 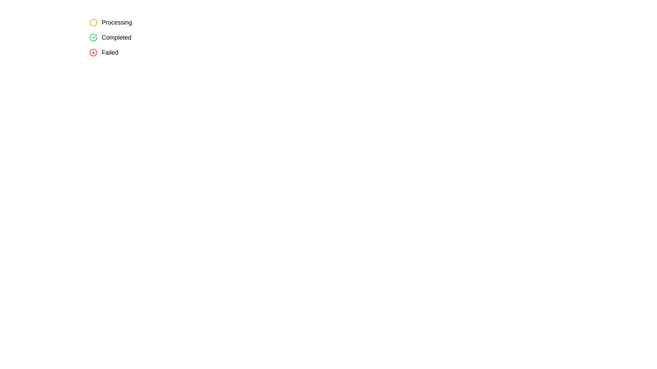 What do you see at coordinates (93, 22) in the screenshot?
I see `the outermost circular part of the alert icon located near the top-left corner of the interface` at bounding box center [93, 22].